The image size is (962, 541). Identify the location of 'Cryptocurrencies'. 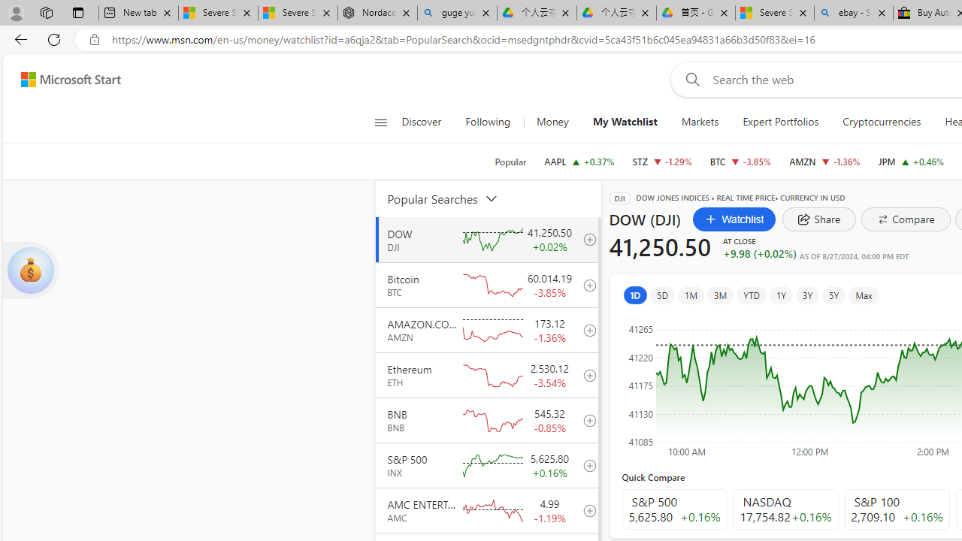
(882, 122).